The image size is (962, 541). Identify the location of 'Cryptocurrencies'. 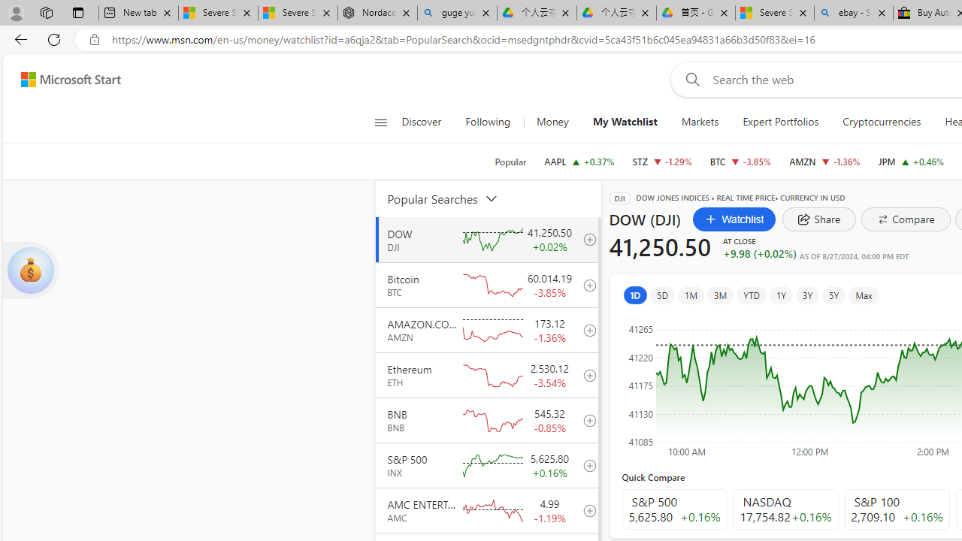
(882, 122).